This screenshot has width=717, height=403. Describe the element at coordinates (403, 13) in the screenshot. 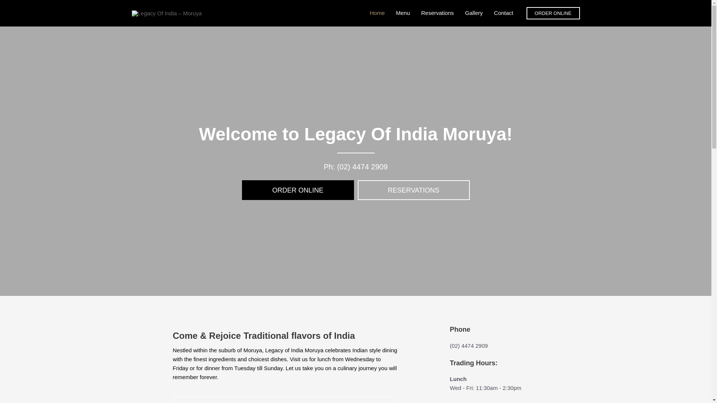

I see `'Menu'` at that location.